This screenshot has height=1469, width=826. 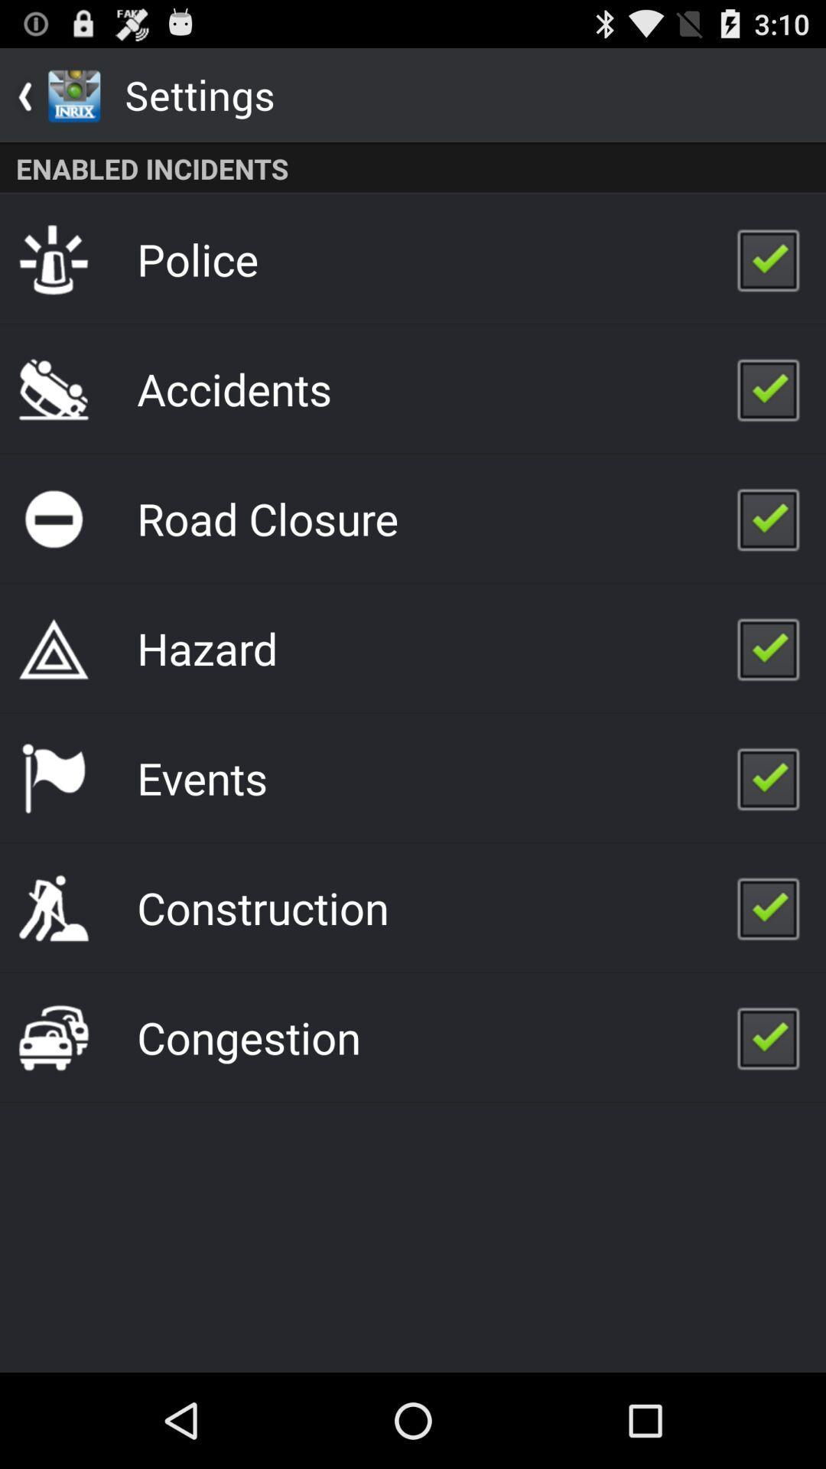 I want to click on construction item, so click(x=262, y=907).